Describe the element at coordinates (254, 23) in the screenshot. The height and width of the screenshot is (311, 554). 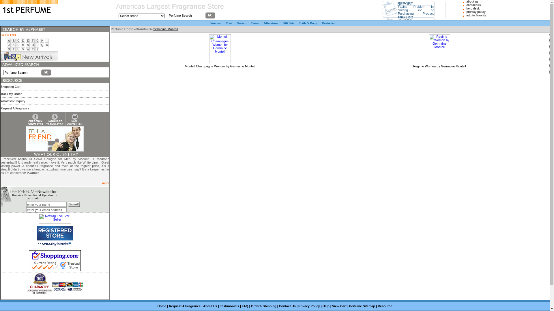
I see `'Tester'` at that location.